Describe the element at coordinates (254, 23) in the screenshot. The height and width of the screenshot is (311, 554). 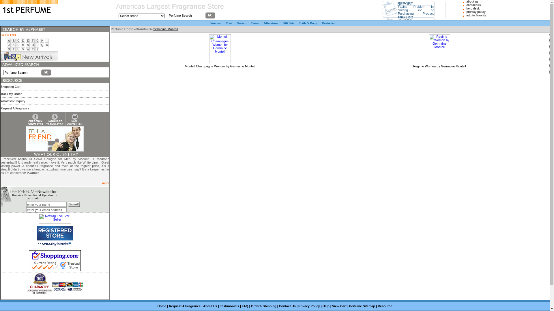
I see `'Tester'` at that location.